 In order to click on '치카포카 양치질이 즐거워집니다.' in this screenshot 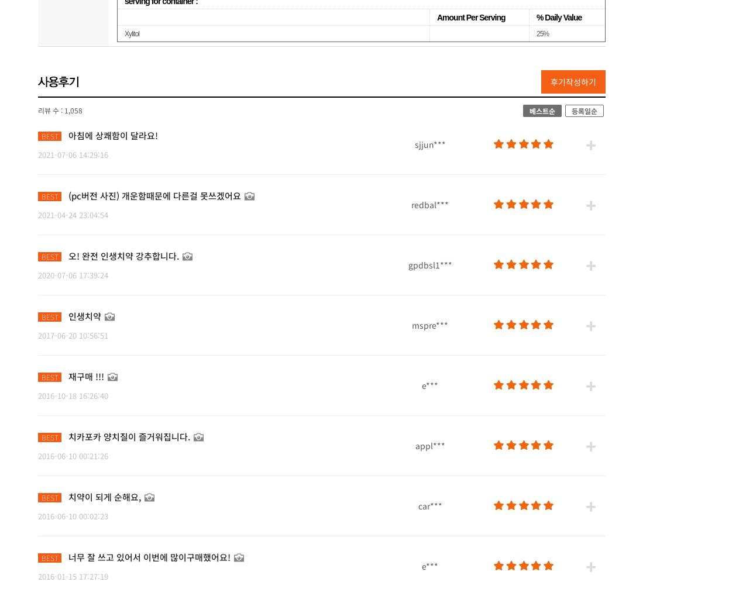, I will do `click(129, 435)`.